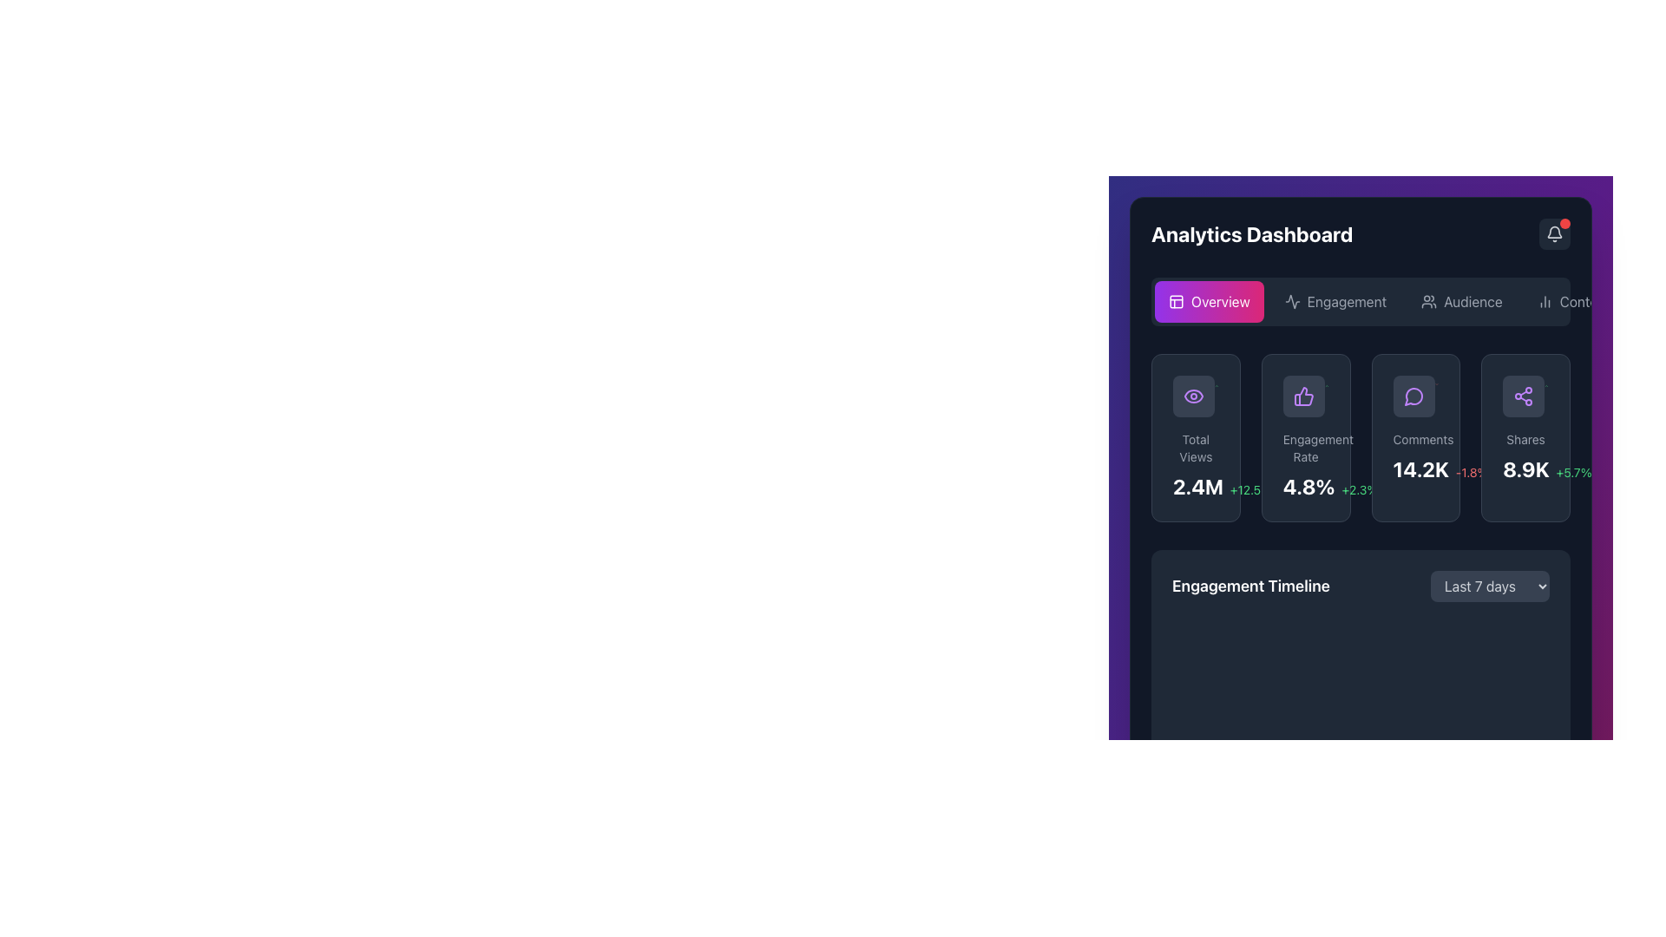 This screenshot has height=937, width=1666. What do you see at coordinates (1574, 472) in the screenshot?
I see `the text label displaying the percentage change '+5.7%' in green text, which is located in the 'Shares' block of the dashboard, to indicate a positive growth next to the primary statistic '8.9K'` at bounding box center [1574, 472].